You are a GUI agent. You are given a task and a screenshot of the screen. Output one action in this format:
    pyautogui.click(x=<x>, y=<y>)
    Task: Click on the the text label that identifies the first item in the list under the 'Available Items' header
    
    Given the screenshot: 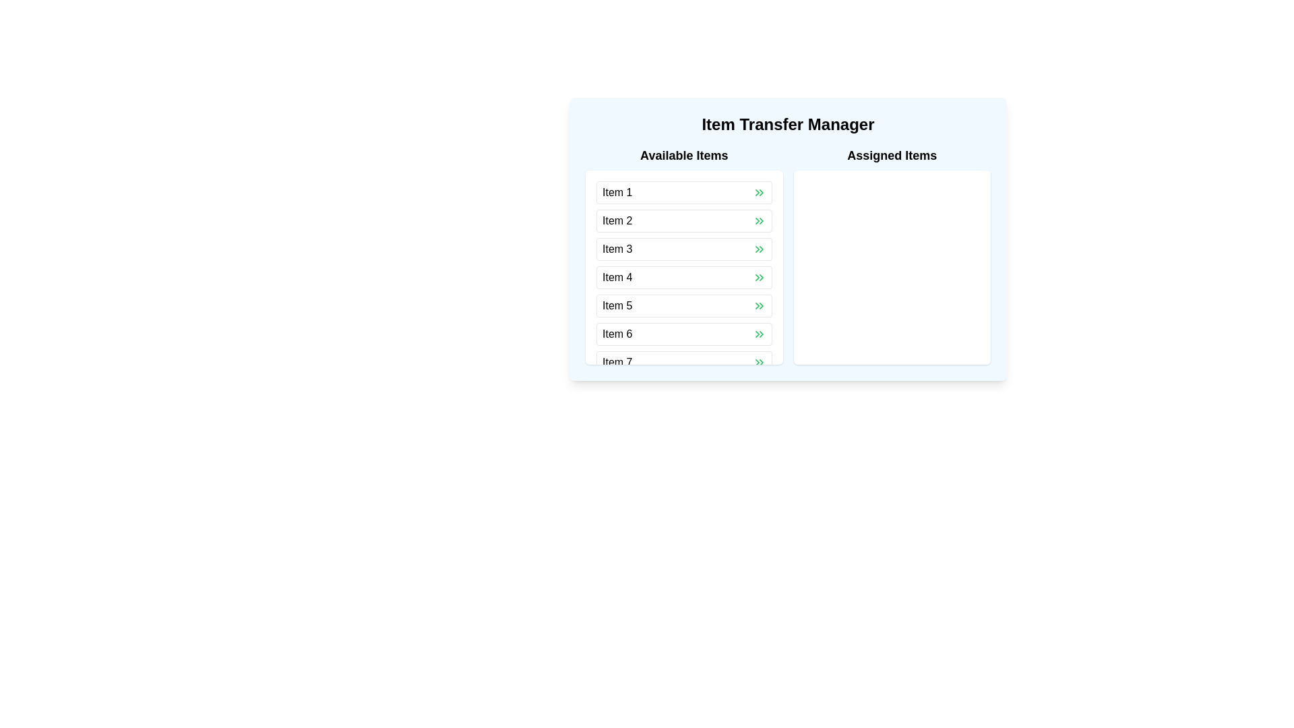 What is the action you would take?
    pyautogui.click(x=617, y=192)
    